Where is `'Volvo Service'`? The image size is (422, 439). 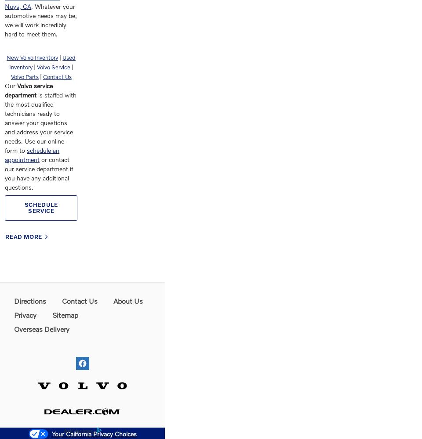 'Volvo Service' is located at coordinates (53, 67).